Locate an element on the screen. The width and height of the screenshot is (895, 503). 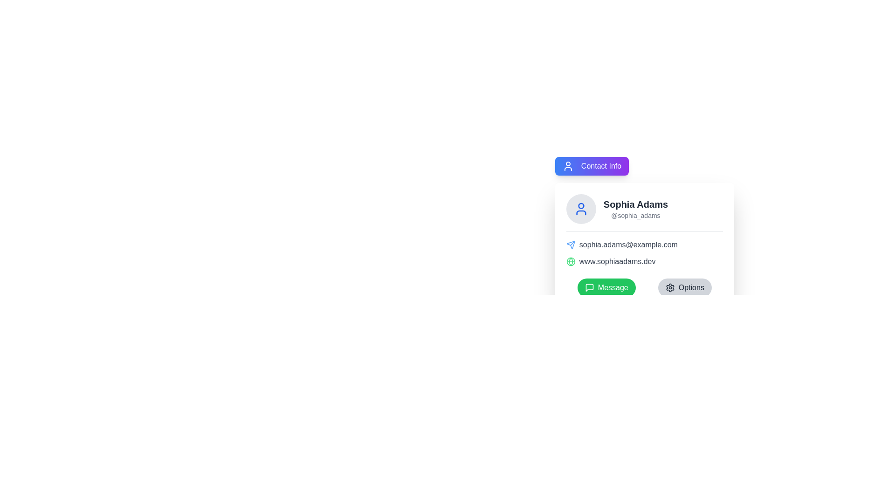
the 'Options' button, which has a gray background, black text, and a gear icon, located at the bottom of the user profile card as the second button from the left is located at coordinates (685, 287).